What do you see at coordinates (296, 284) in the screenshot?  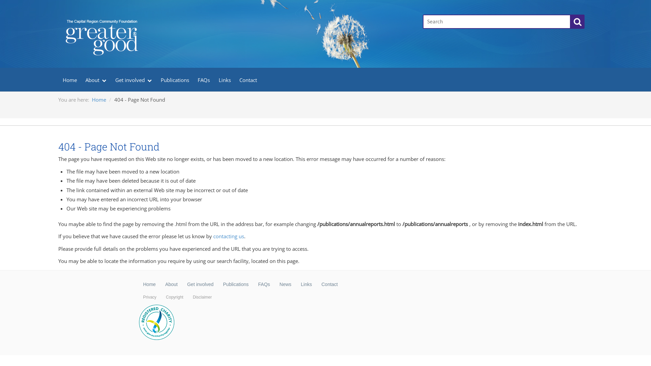 I see `'Links'` at bounding box center [296, 284].